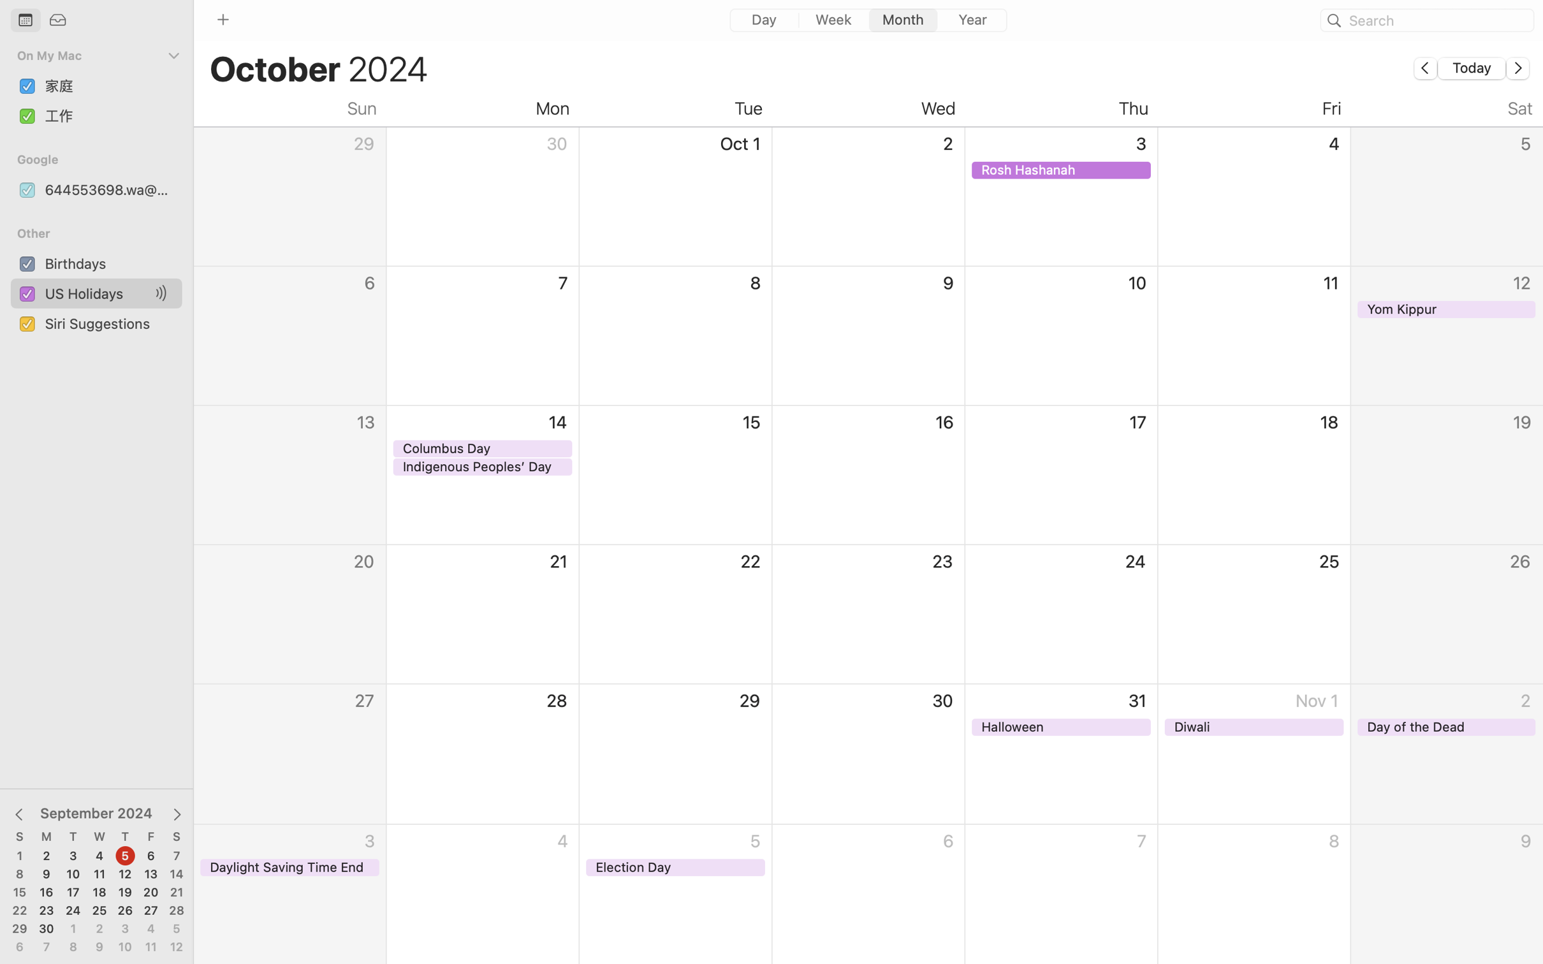  I want to click on 'On My Mac', so click(90, 55).